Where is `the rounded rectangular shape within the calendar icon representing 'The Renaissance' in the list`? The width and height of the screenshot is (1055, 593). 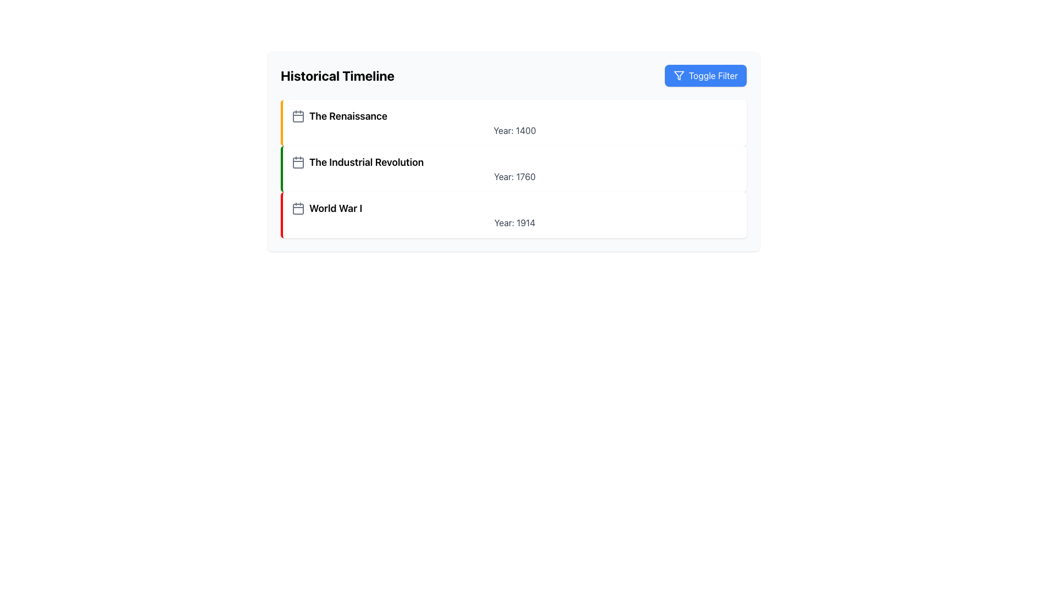 the rounded rectangular shape within the calendar icon representing 'The Renaissance' in the list is located at coordinates (298, 116).